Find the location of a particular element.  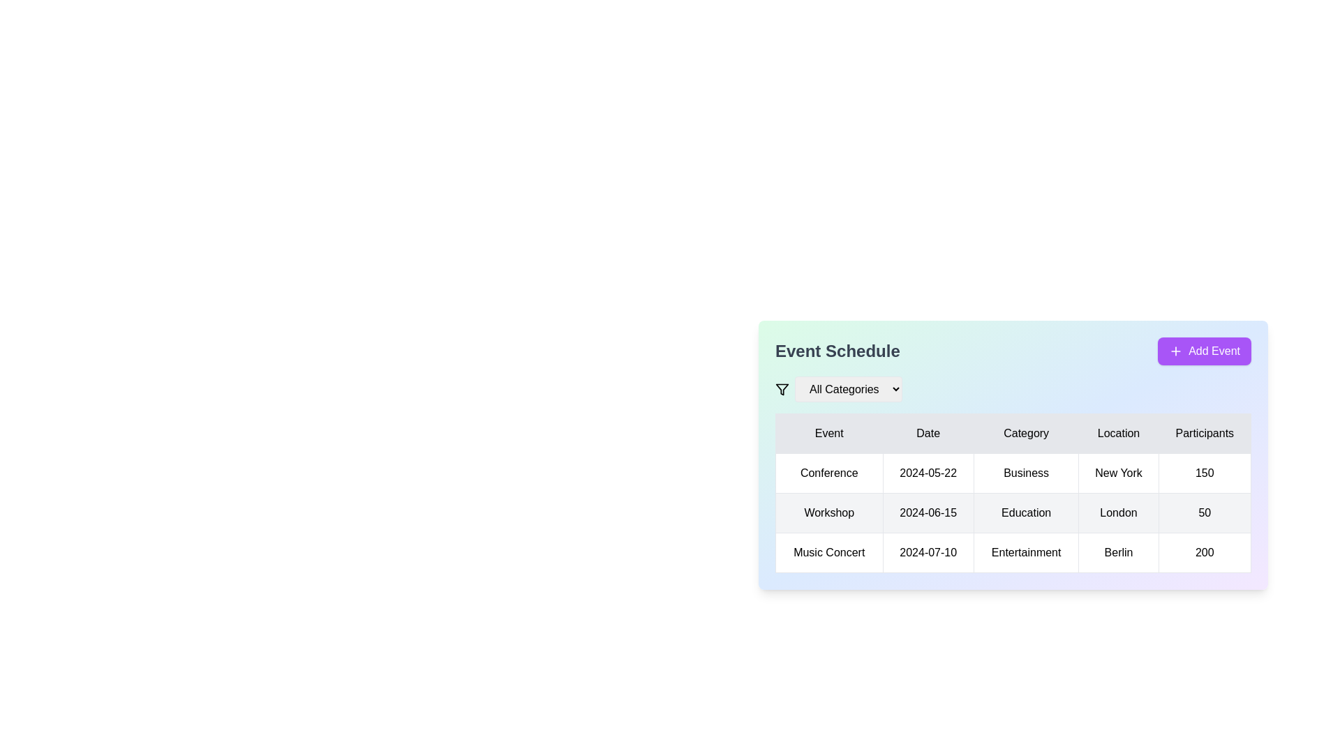

the Text display cell that shows the date '2024-06-15', located in the 'Date' column for the 'Workshop' event in the second row of the table is located at coordinates (928, 513).